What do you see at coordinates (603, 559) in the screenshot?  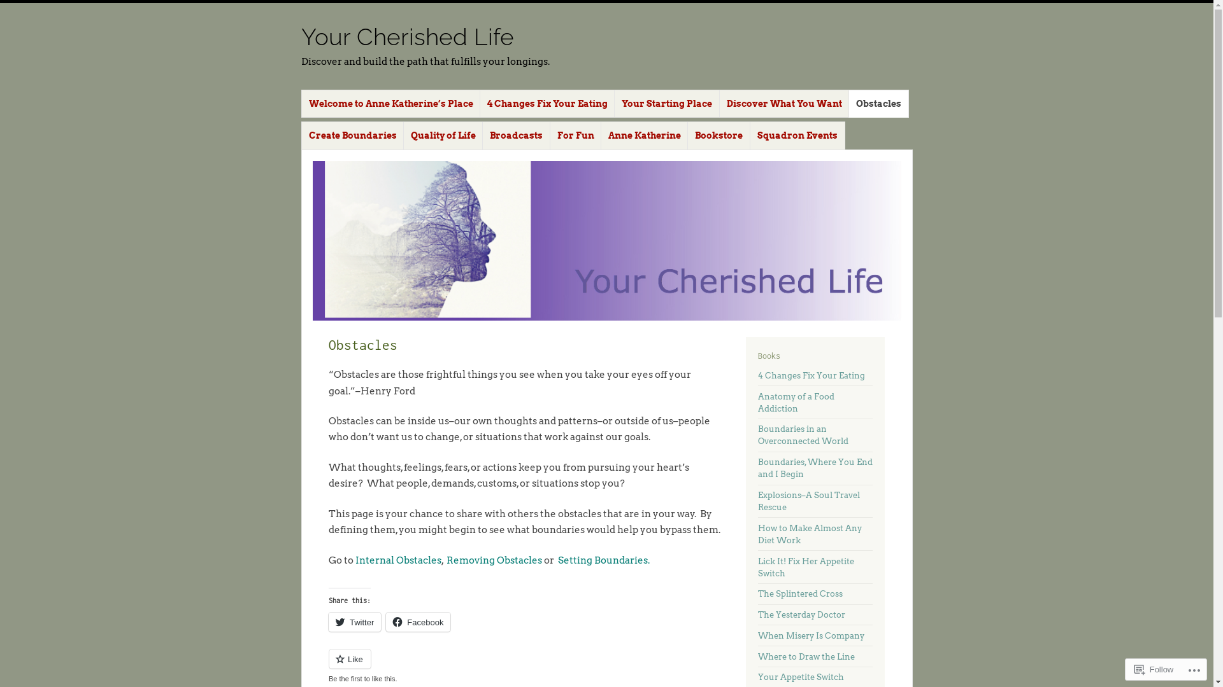 I see `'Setting Boundaries.'` at bounding box center [603, 559].